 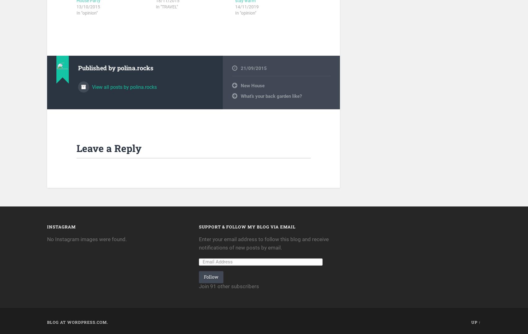 What do you see at coordinates (199, 243) in the screenshot?
I see `'Enter your email address to follow this blog and receive notifications of new posts by email.'` at bounding box center [199, 243].